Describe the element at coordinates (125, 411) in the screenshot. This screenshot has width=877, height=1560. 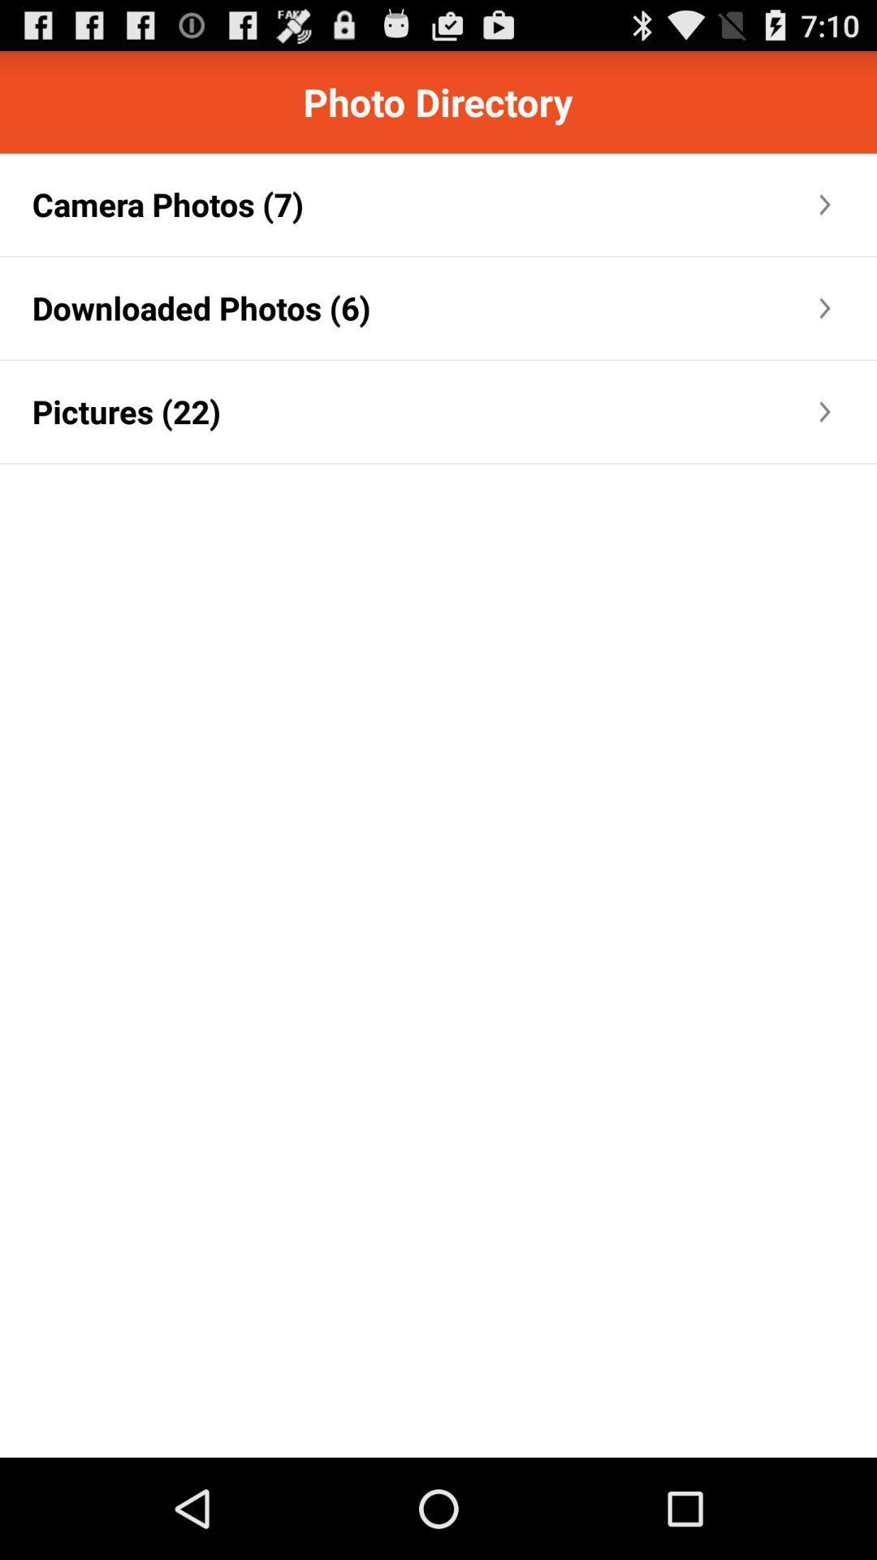
I see `pictures (22) app` at that location.